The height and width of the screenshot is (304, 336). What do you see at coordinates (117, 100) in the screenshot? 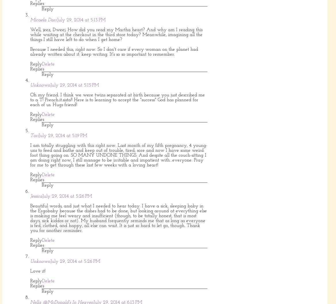
I see `'Oh my friend. I think we were twins separated at birth because you just described me to a T! Preach.it.sista!! Here is to learning to accept the "success" God has planned for each of us. Hugs friend!'` at bounding box center [117, 100].